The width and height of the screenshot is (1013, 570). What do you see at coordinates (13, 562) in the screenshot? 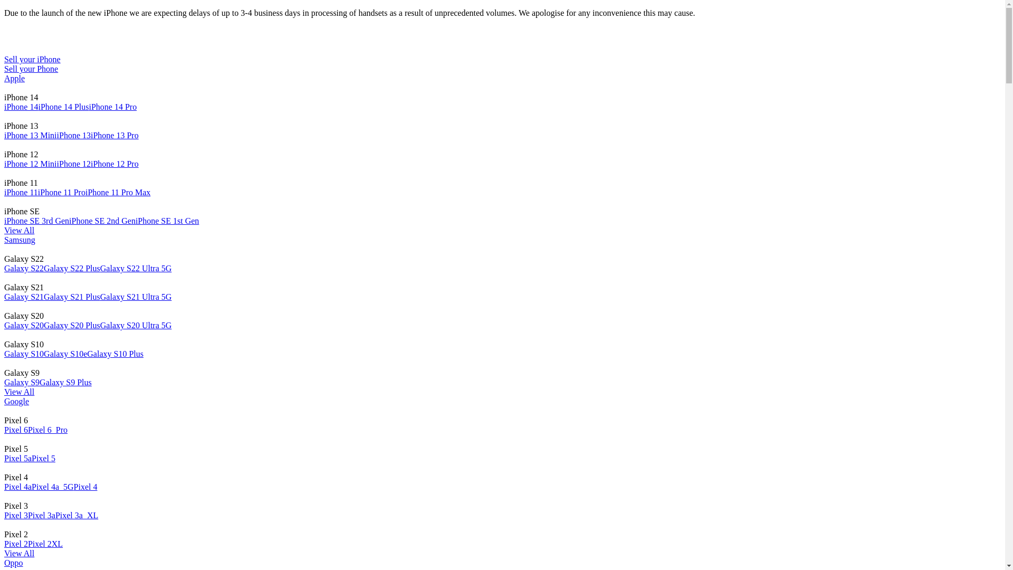
I see `'Oppo'` at bounding box center [13, 562].